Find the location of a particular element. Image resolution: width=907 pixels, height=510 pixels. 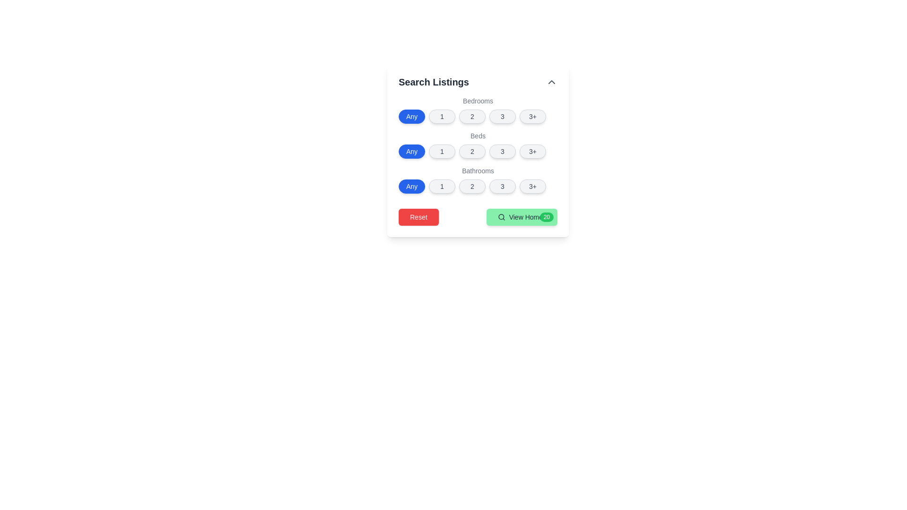

the button that allows users to select a value of '2' for the 'Bedrooms' parameter in the filtering interface, located as the third button under the 'Bedrooms' category is located at coordinates (478, 116).